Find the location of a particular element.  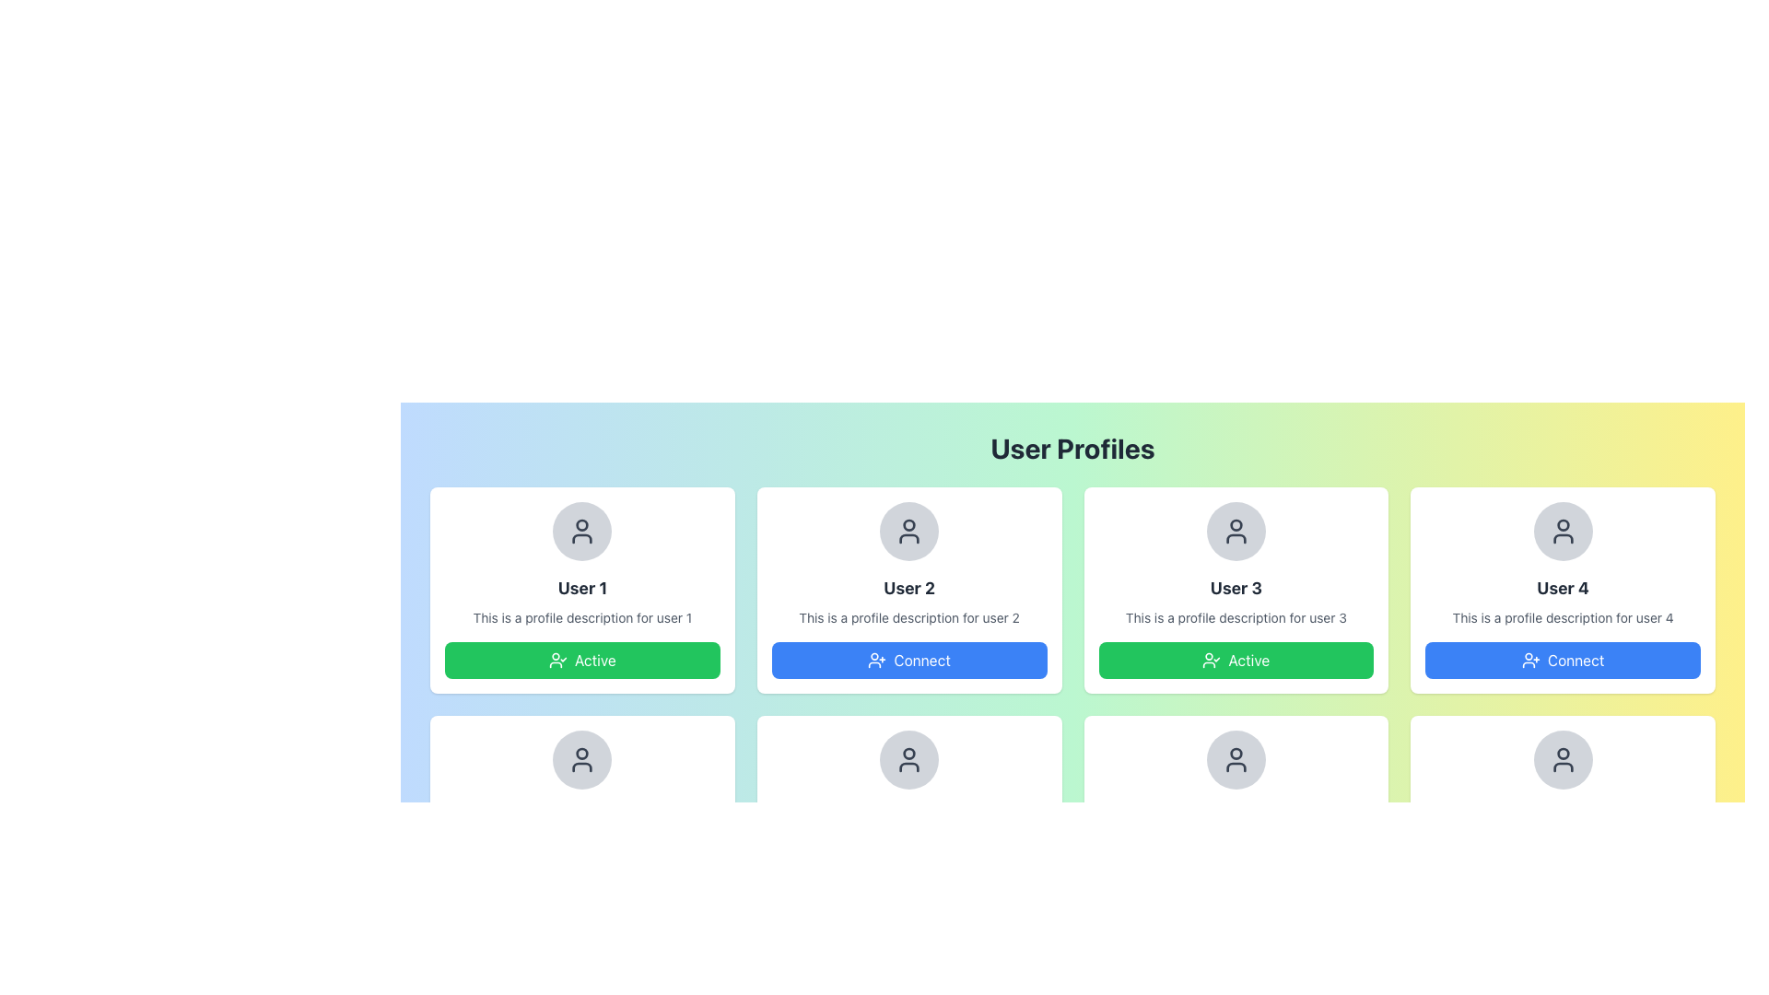

the 'User 1' text label, which is bold and larger than surrounding text, located in the first profile card below the user profile icon is located at coordinates (581, 589).